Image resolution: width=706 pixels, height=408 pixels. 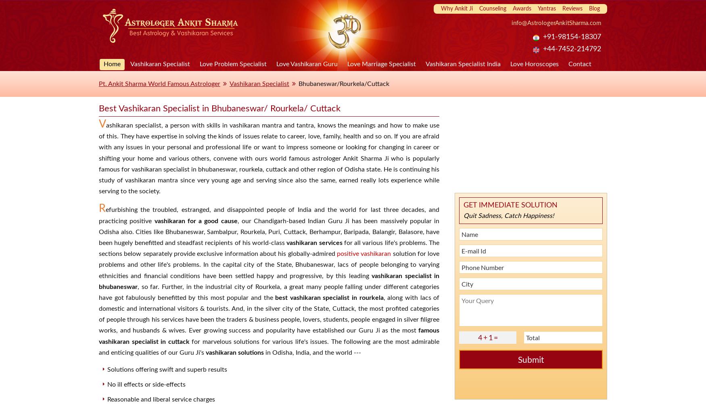 I want to click on 'Love Horoscopes', so click(x=534, y=63).